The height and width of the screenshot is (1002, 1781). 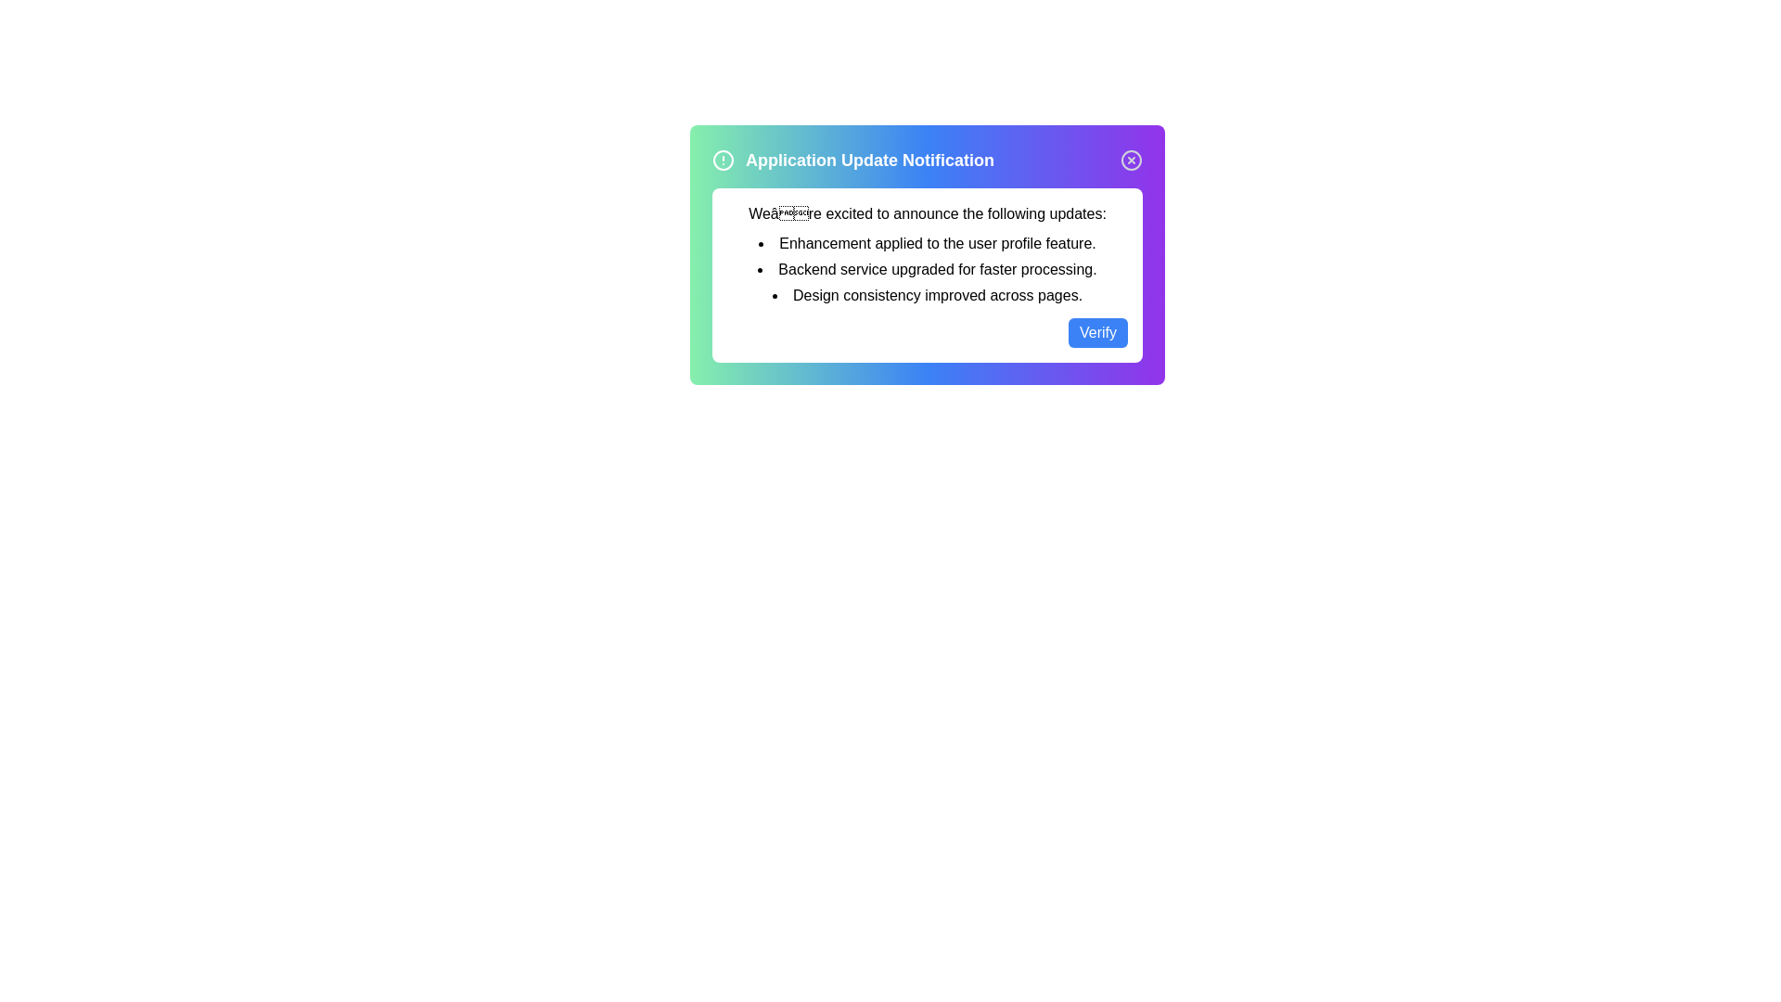 I want to click on close button to collapse the notification, so click(x=1130, y=160).